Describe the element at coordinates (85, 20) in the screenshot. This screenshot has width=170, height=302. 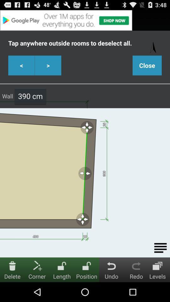
I see `click advertisements` at that location.